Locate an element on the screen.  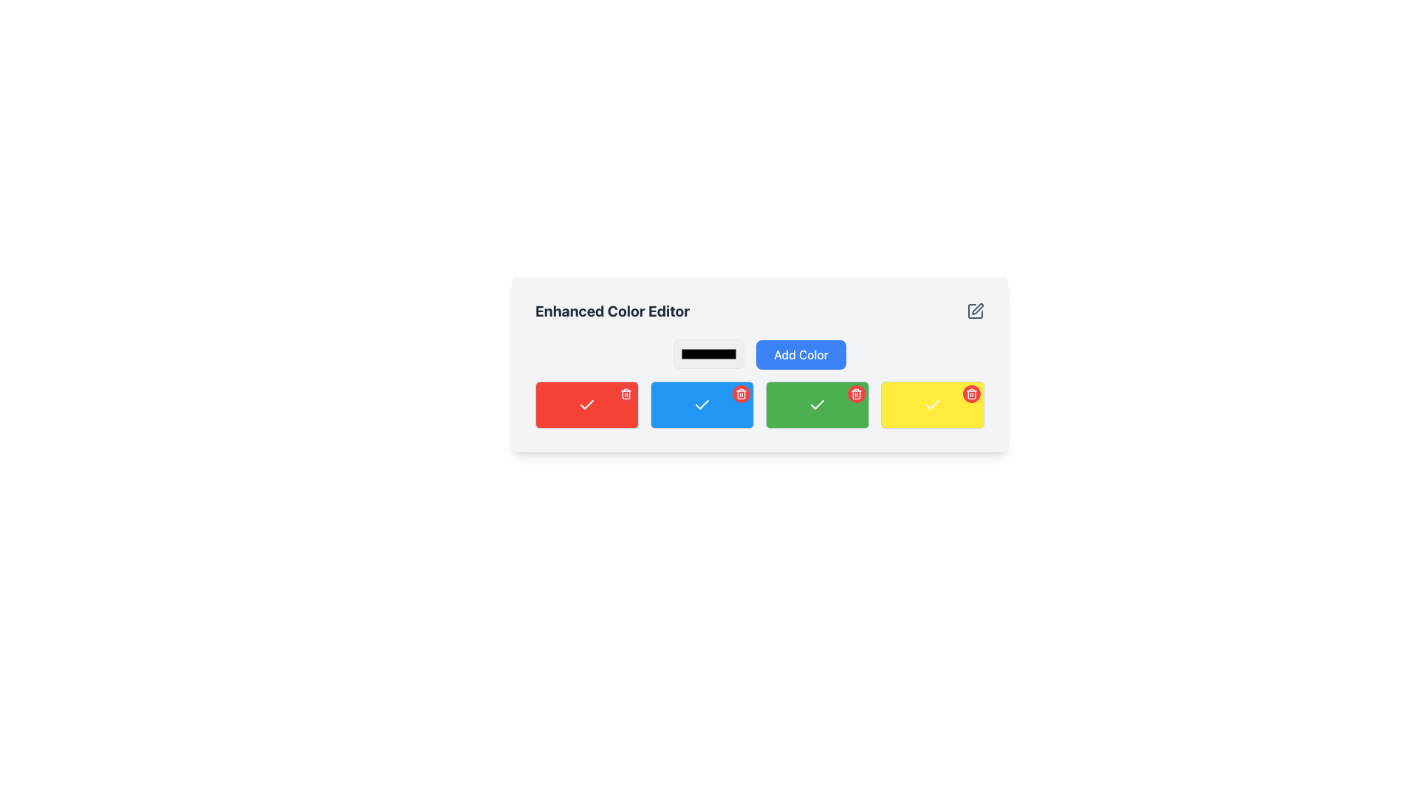
the circular red button with a white trash can icon is located at coordinates (741, 393).